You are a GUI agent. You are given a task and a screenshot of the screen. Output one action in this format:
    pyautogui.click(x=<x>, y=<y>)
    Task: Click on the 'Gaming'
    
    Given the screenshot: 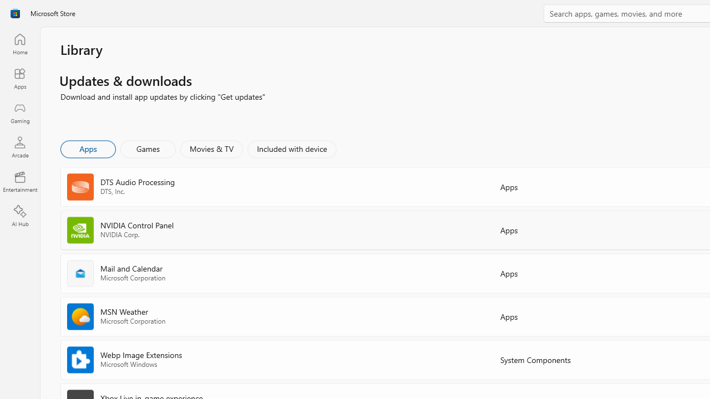 What is the action you would take?
    pyautogui.click(x=19, y=112)
    